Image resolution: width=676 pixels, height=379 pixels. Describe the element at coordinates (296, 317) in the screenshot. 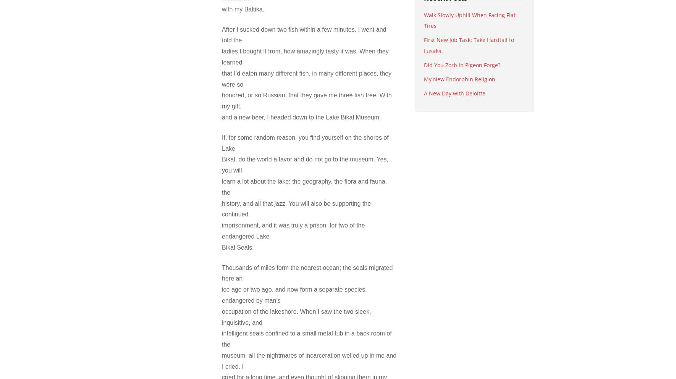

I see `'occupation of the lakeshore. When I saw the two sleek, inquisitive, and'` at that location.